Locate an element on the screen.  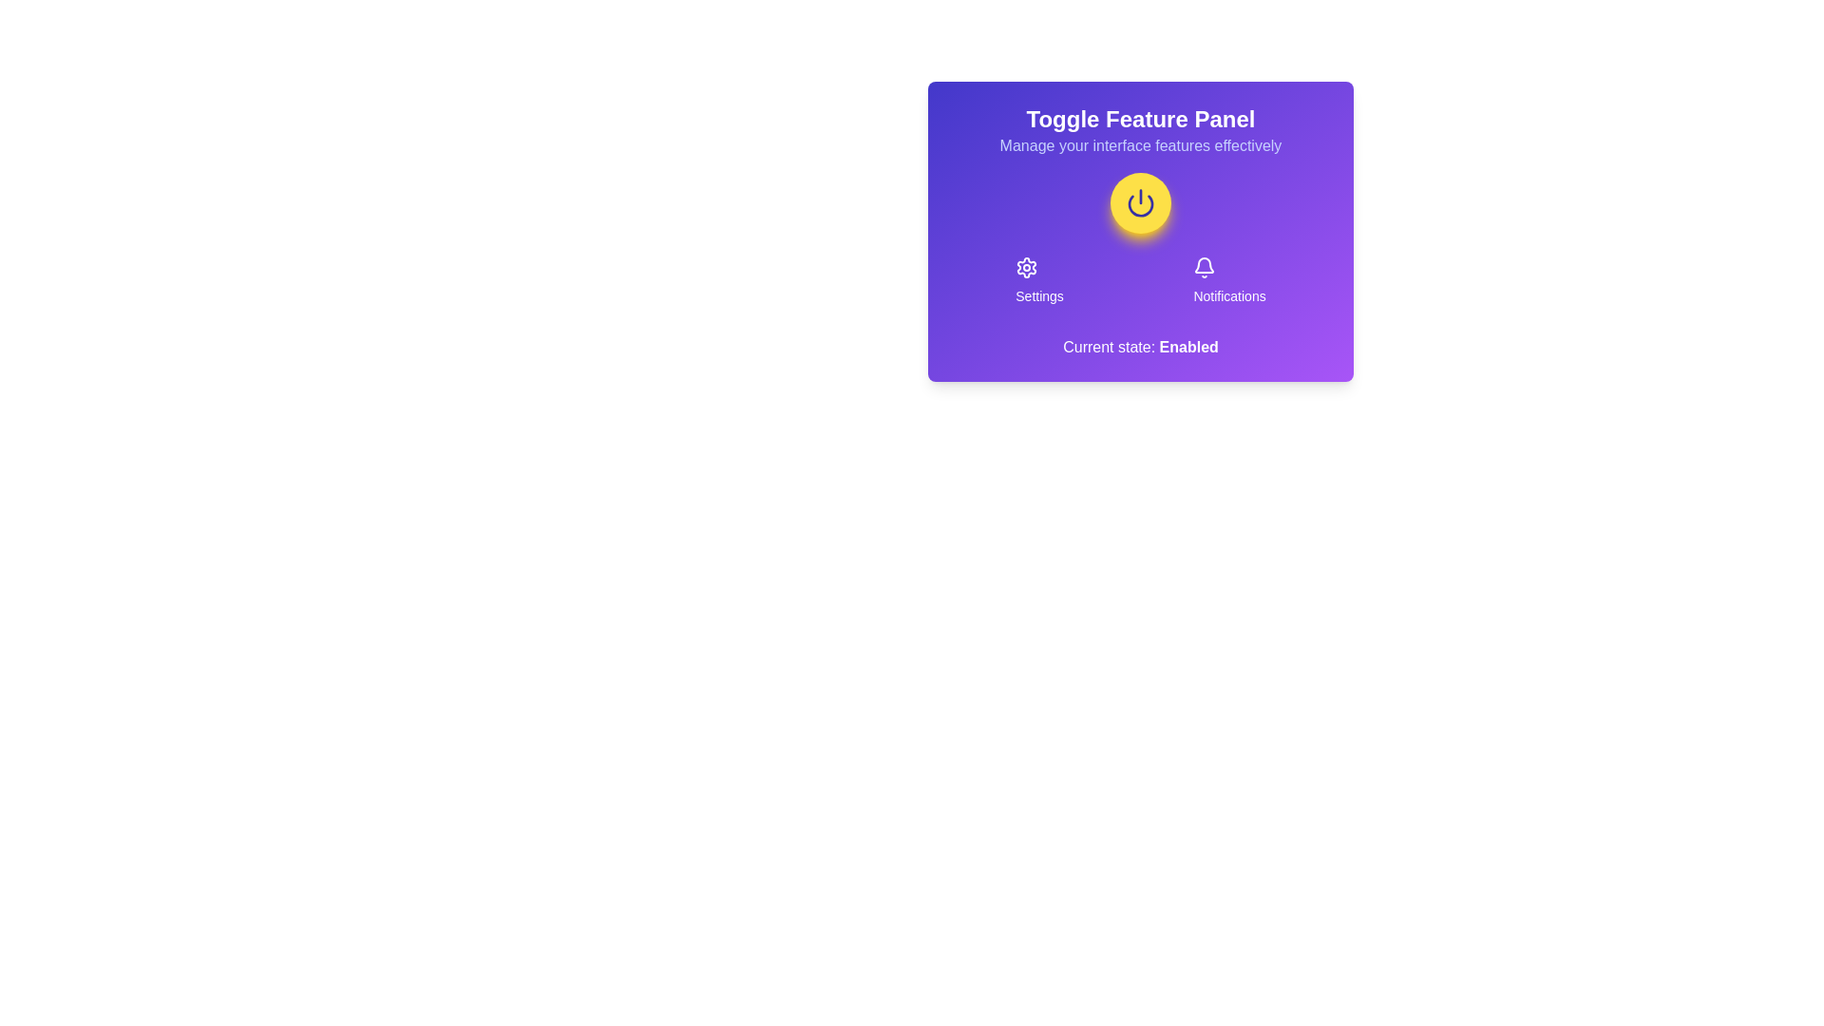
the static text label displaying 'Current state: Enabled', which is located at the bottom of the 'Toggle Feature Panel' card, underneath the 'Settings' and 'Notifications' options is located at coordinates (1140, 348).